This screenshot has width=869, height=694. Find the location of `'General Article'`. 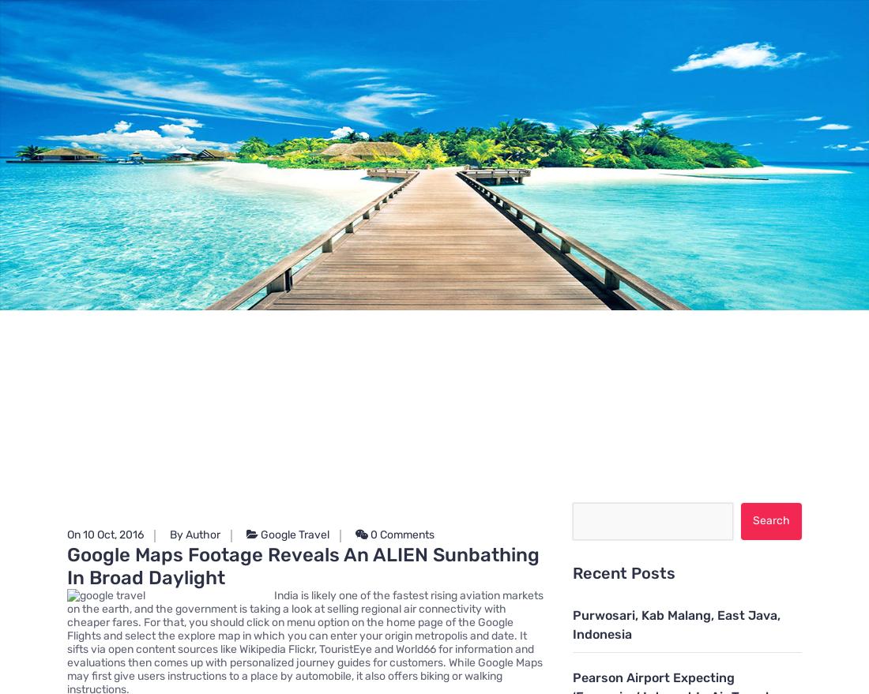

'General Article' is located at coordinates (704, 405).